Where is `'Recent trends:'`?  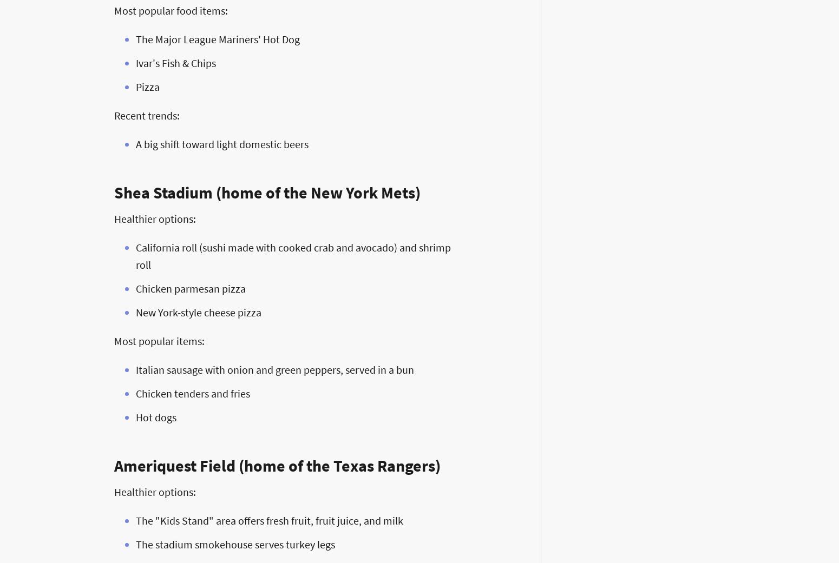 'Recent trends:' is located at coordinates (147, 115).